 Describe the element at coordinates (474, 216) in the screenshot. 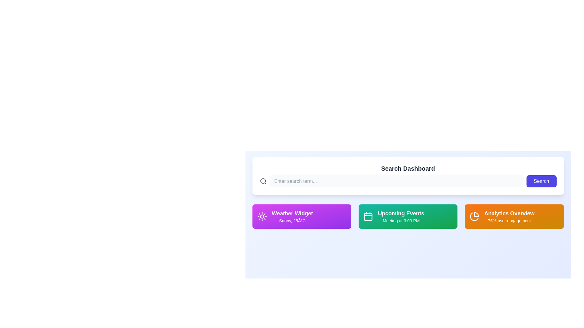

I see `the Decorative SVG graphic element that is a segment within the pie chart icon in the orange box labeled 'Analytics Overview' located in the bottom-right section of the interface` at that location.